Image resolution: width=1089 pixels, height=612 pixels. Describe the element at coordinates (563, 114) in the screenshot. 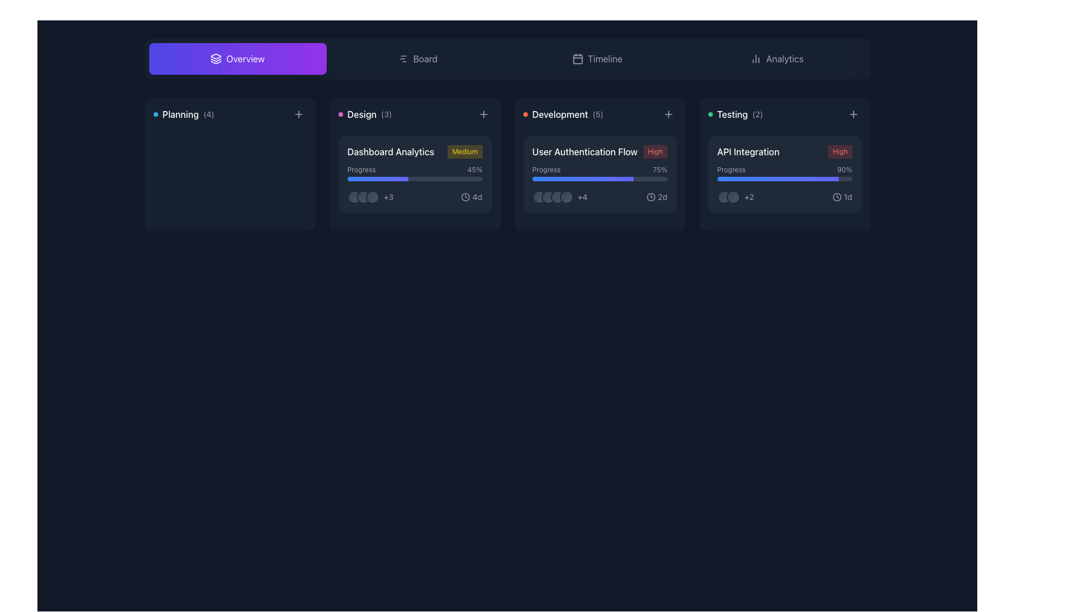

I see `text element labeled 'Development' with a gray '(5)' and an orange to red circular icon to understand its context` at that location.